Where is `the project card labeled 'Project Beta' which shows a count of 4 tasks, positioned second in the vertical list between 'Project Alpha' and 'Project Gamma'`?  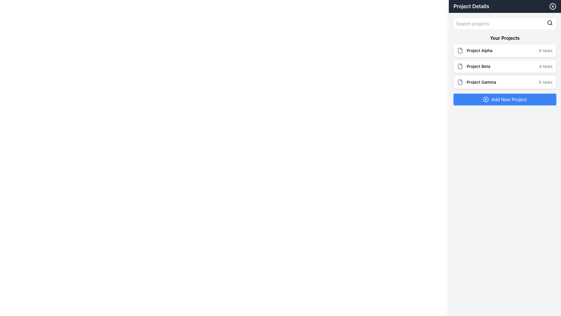 the project card labeled 'Project Beta' which shows a count of 4 tasks, positioned second in the vertical list between 'Project Alpha' and 'Project Gamma' is located at coordinates (505, 66).